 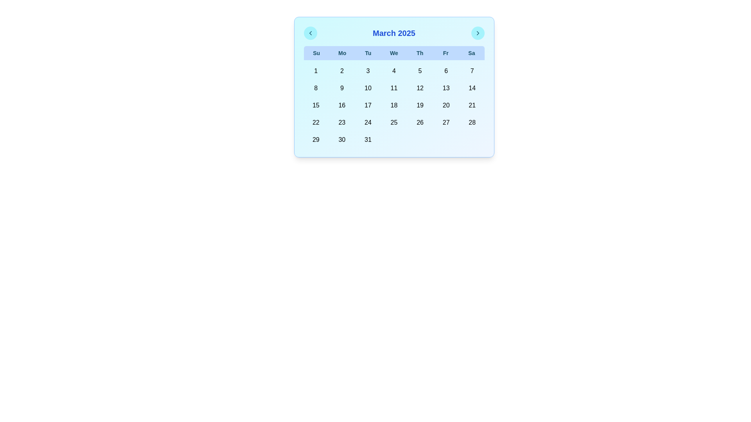 I want to click on the rounded rectangular button labeled '28' in the calendar grid, so click(x=472, y=122).